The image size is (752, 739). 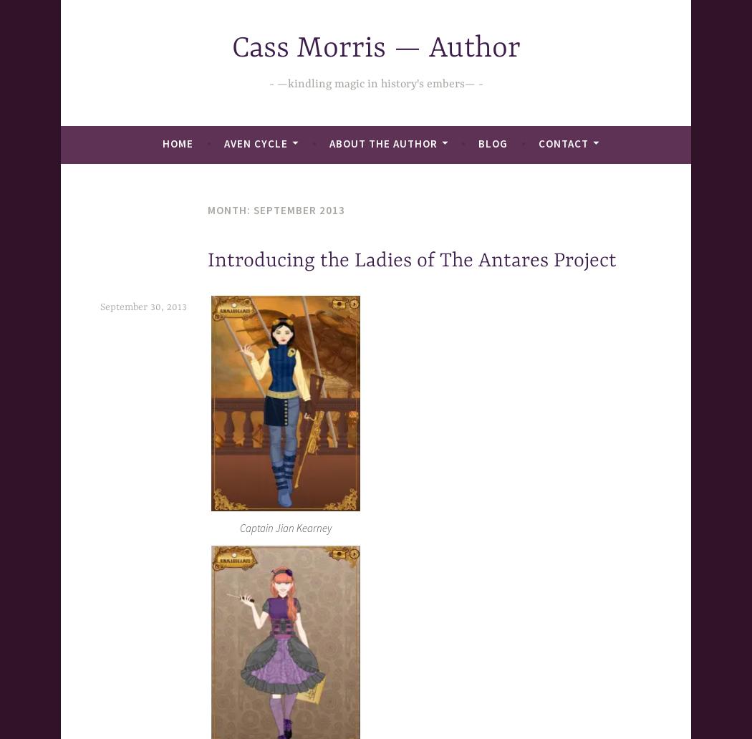 What do you see at coordinates (178, 143) in the screenshot?
I see `'Home'` at bounding box center [178, 143].